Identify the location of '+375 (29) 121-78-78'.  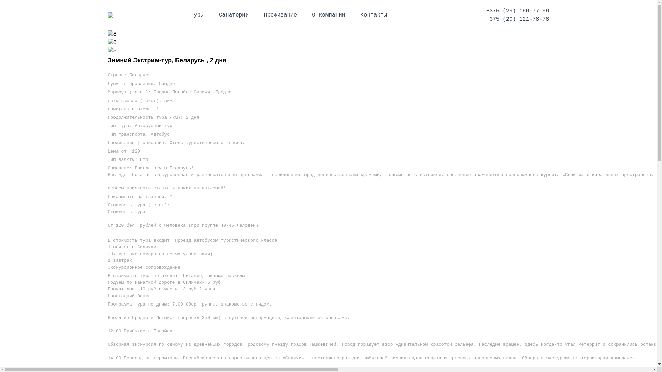
(486, 19).